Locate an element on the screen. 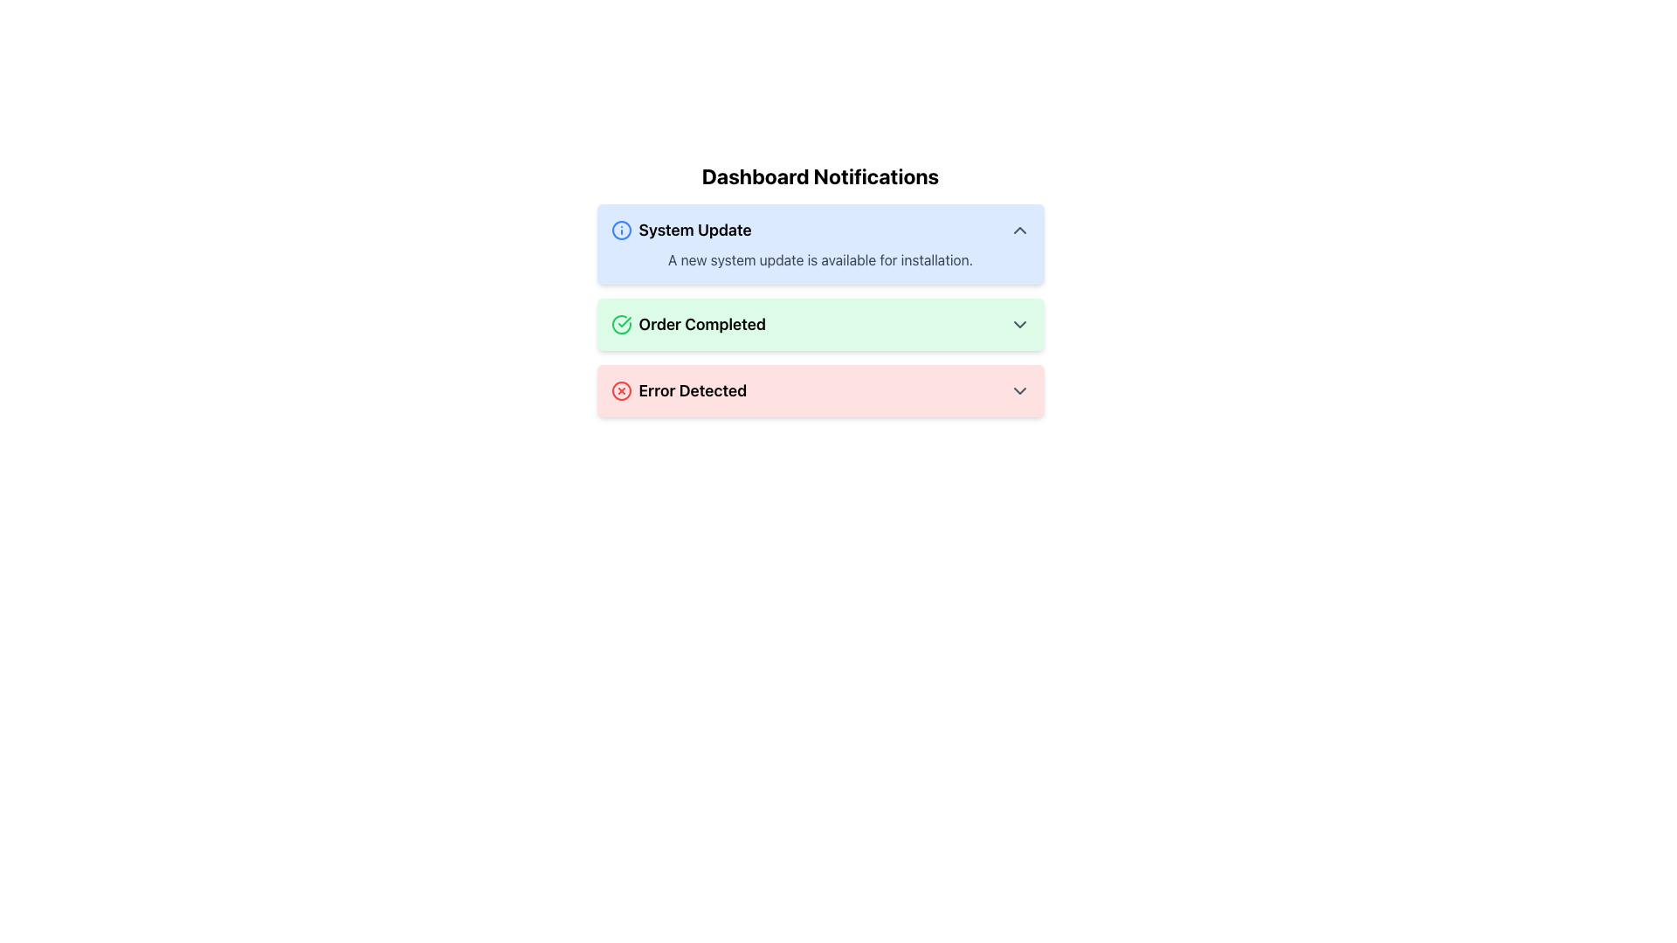 The image size is (1677, 943). the chevron icon button on the right side of the 'System Update' notification is located at coordinates (1019, 229).